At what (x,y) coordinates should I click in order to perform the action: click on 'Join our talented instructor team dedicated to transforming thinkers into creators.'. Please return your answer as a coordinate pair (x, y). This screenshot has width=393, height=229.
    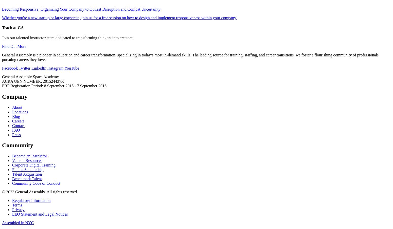
    Looking at the image, I should click on (68, 37).